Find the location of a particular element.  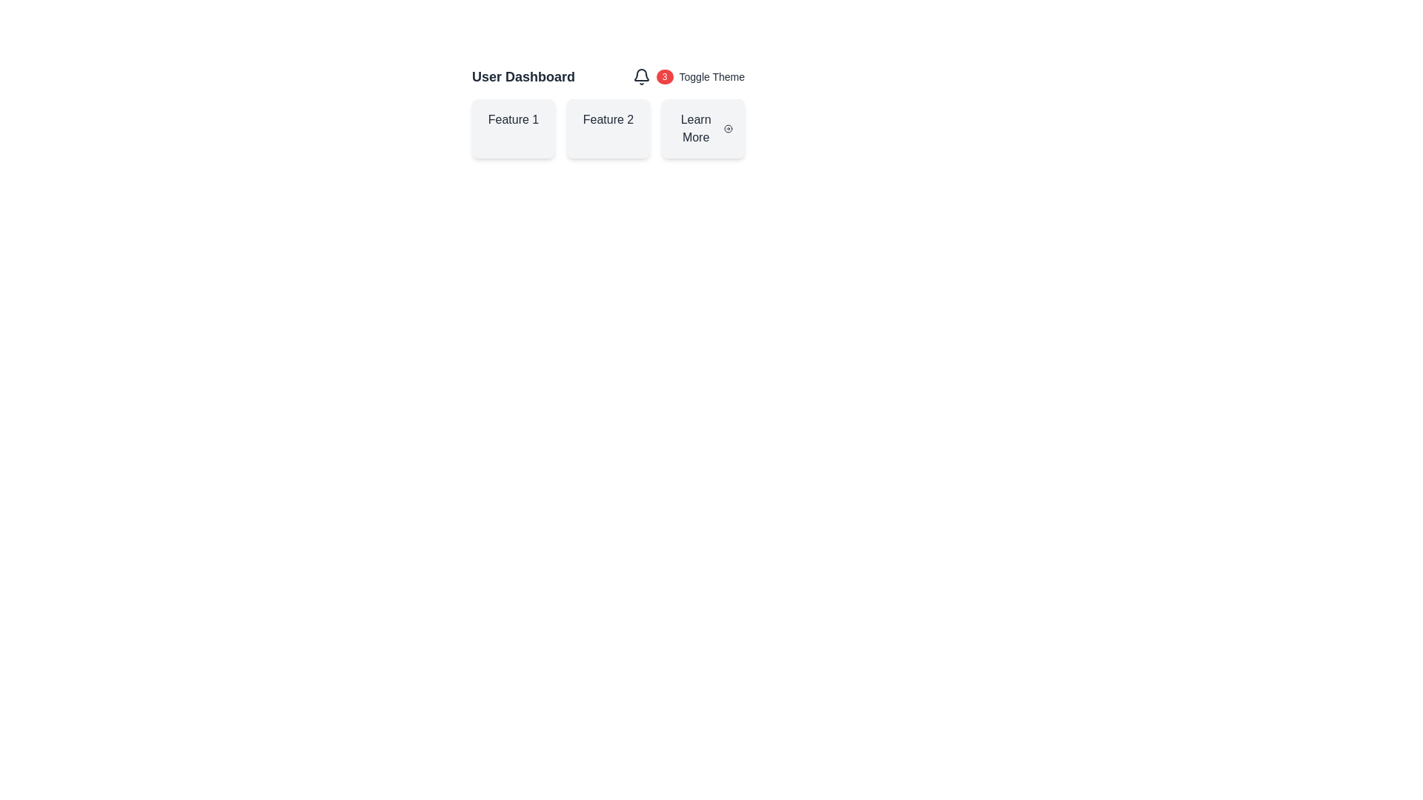

the notification badge located in the top right section of the interface, positioned to the right of the bell icon and to the left of the 'Toggle Theme' button is located at coordinates (664, 77).